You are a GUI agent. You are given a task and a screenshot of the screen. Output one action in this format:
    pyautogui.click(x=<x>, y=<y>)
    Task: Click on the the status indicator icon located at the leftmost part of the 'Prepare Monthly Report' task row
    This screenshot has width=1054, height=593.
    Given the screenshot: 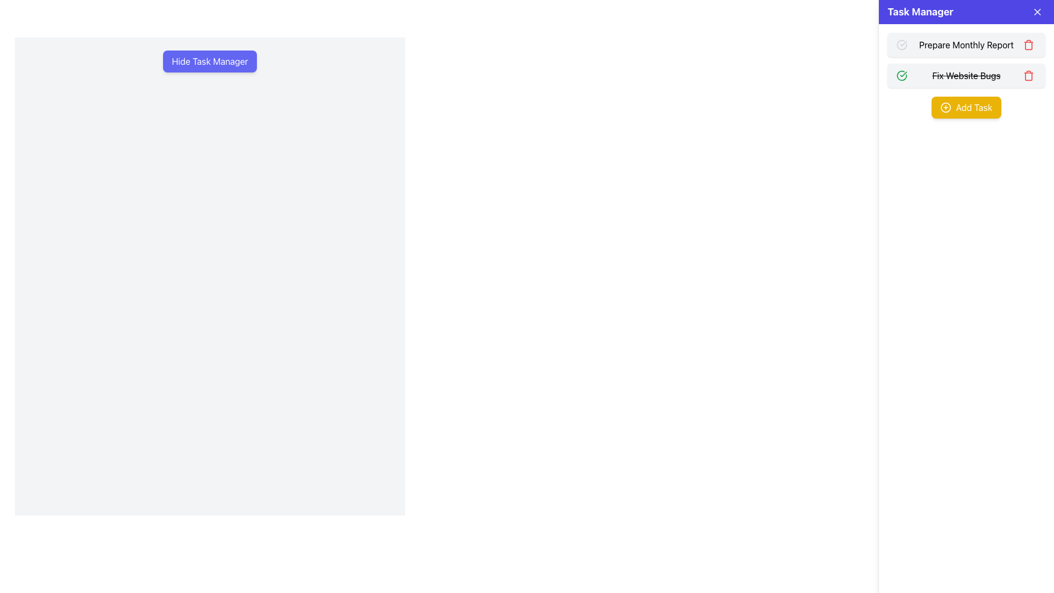 What is the action you would take?
    pyautogui.click(x=901, y=44)
    